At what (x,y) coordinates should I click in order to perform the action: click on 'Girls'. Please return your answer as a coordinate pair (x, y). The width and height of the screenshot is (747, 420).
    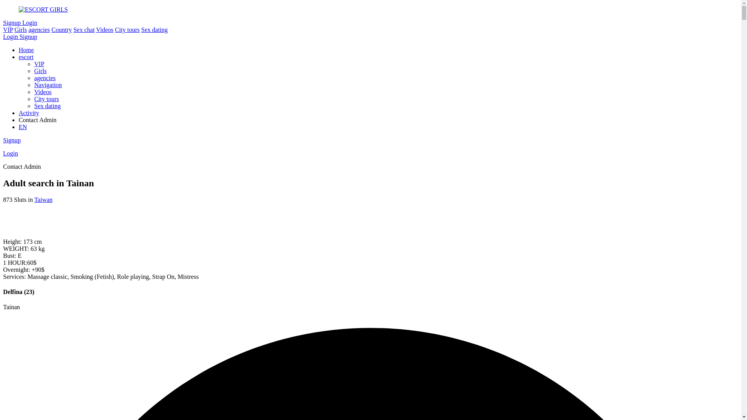
    Looking at the image, I should click on (33, 71).